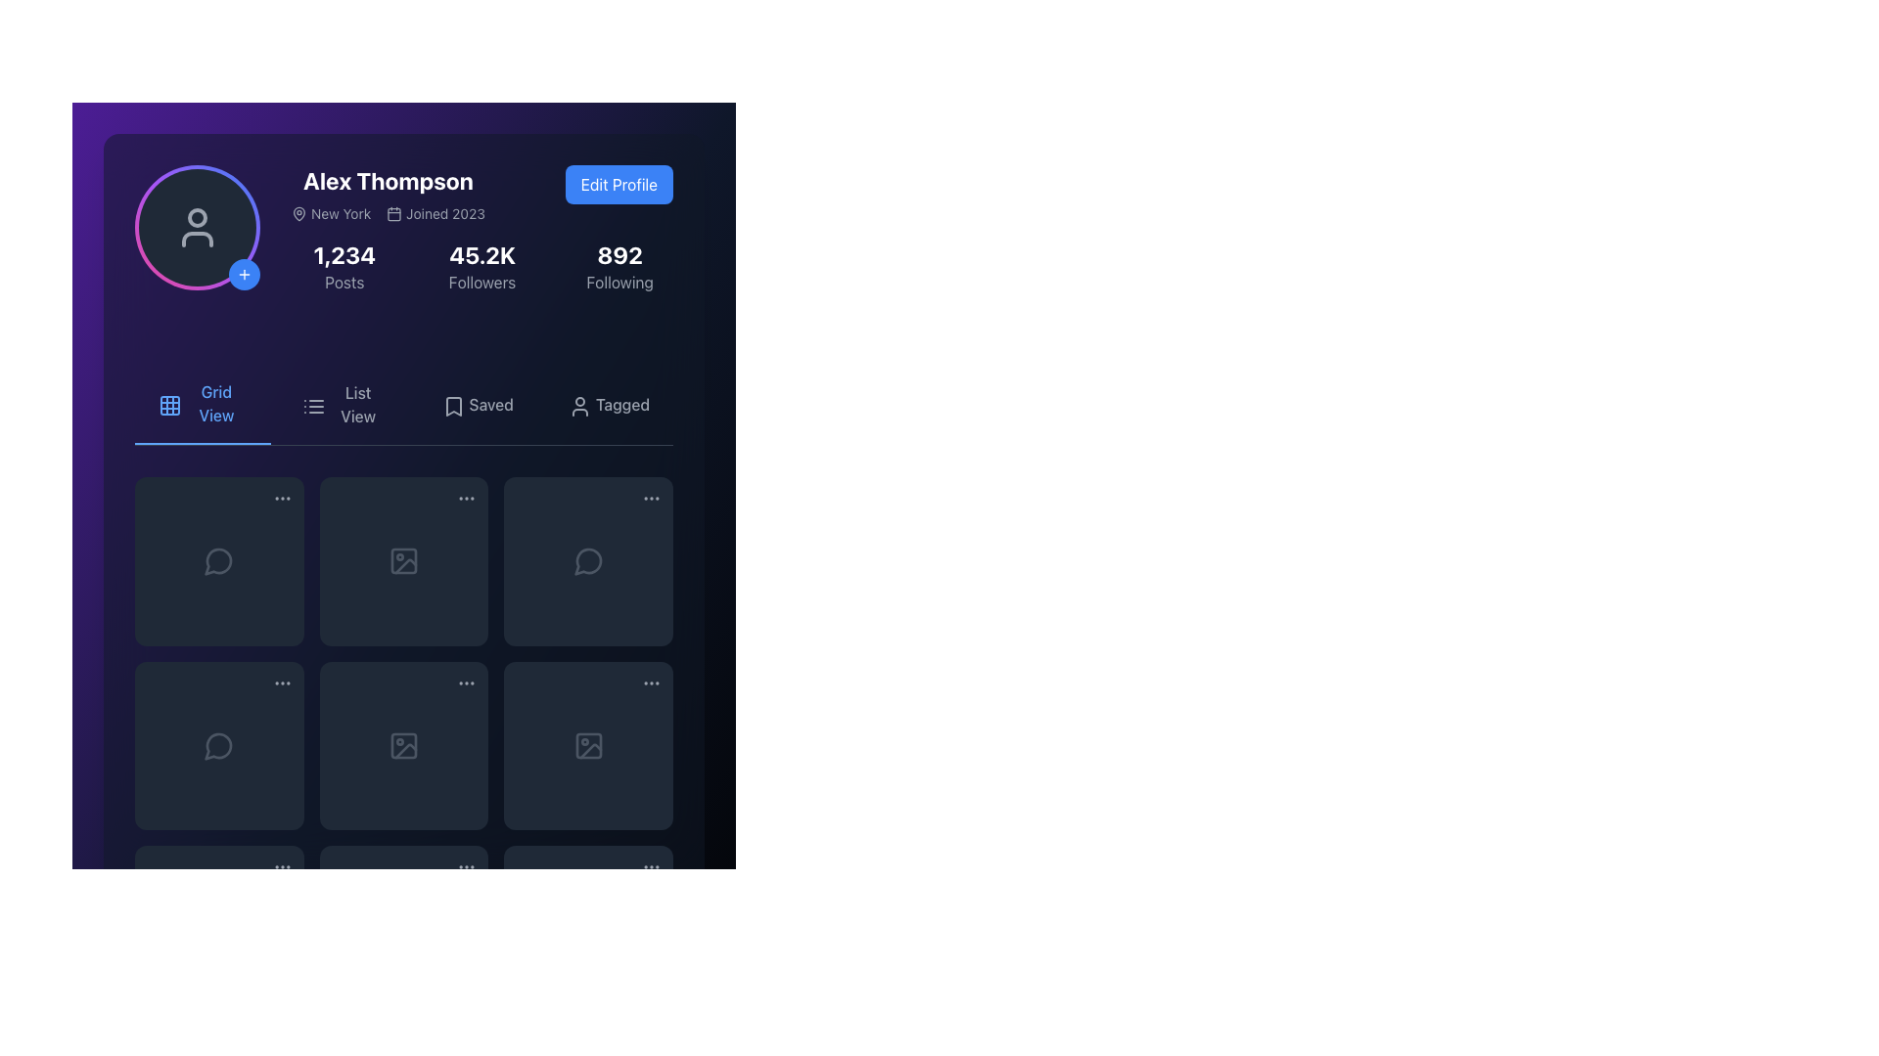  Describe the element at coordinates (482, 254) in the screenshot. I see `the Followers label that displays the number of followers associated with the user` at that location.